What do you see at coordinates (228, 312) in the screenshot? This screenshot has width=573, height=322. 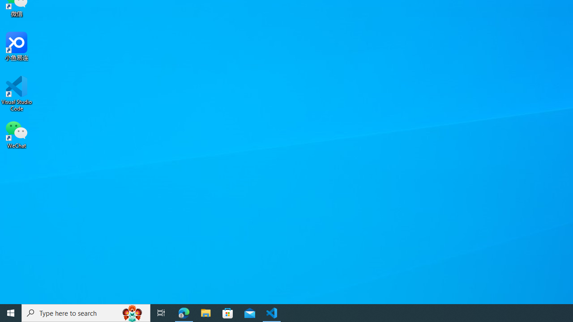 I see `'Microsoft Store'` at bounding box center [228, 312].